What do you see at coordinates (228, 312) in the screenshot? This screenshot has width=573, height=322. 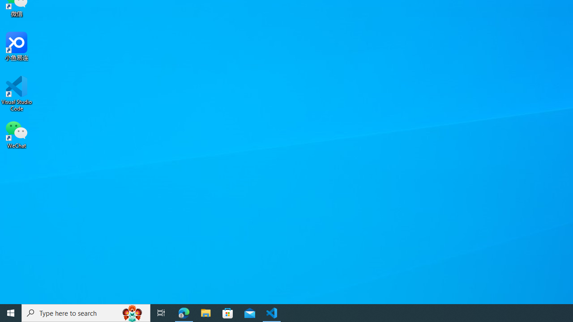 I see `'Microsoft Store'` at bounding box center [228, 312].